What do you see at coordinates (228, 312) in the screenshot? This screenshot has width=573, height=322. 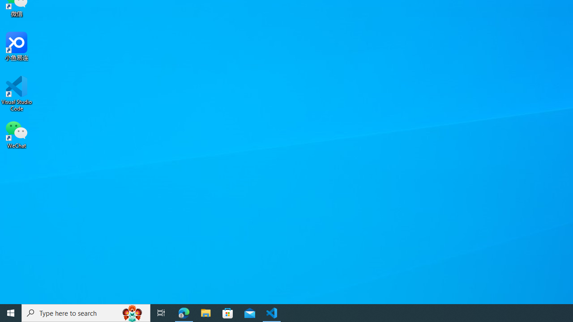 I see `'Microsoft Store'` at bounding box center [228, 312].